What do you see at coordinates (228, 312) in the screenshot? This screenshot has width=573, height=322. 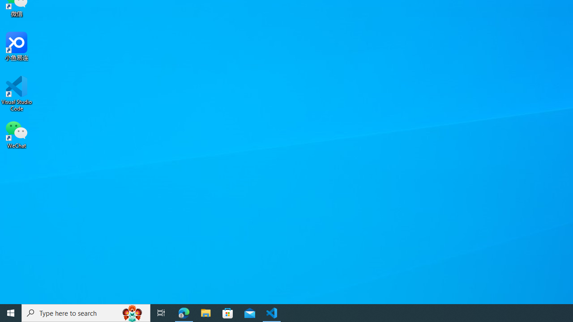 I see `'Microsoft Store'` at bounding box center [228, 312].